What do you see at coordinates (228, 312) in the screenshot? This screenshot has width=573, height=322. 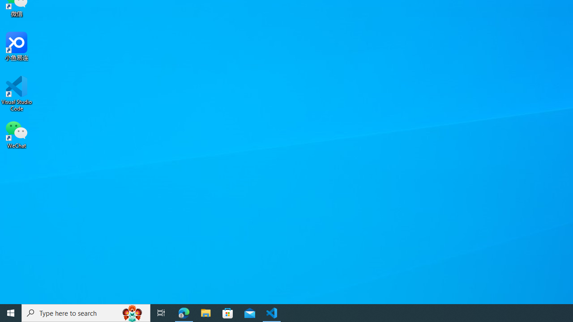 I see `'Microsoft Store'` at bounding box center [228, 312].